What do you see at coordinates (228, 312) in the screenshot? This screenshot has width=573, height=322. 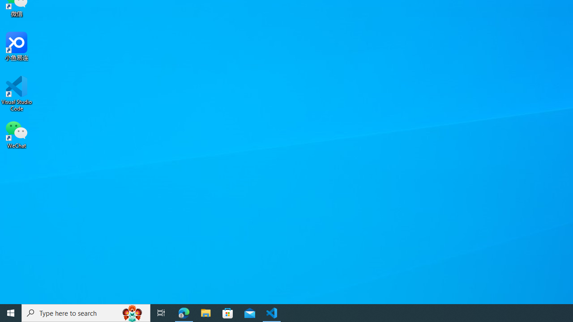 I see `'Microsoft Store'` at bounding box center [228, 312].